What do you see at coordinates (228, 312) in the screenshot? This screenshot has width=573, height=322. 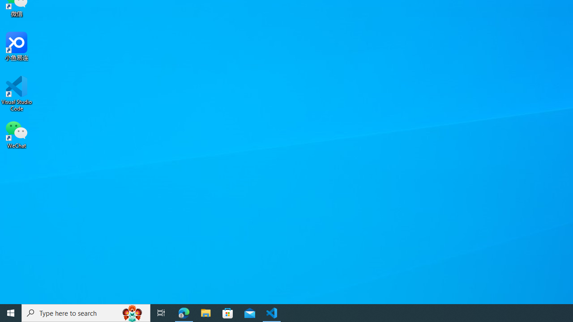 I see `'Microsoft Store'` at bounding box center [228, 312].